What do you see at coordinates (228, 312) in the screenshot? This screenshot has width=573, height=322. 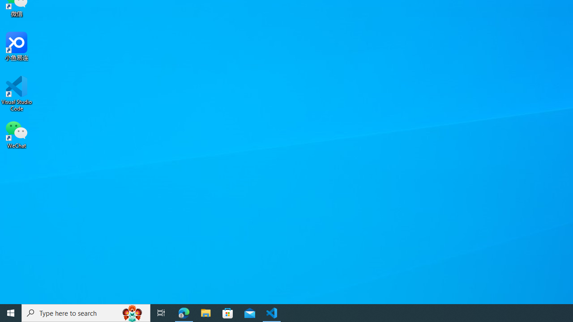 I see `'Microsoft Store'` at bounding box center [228, 312].